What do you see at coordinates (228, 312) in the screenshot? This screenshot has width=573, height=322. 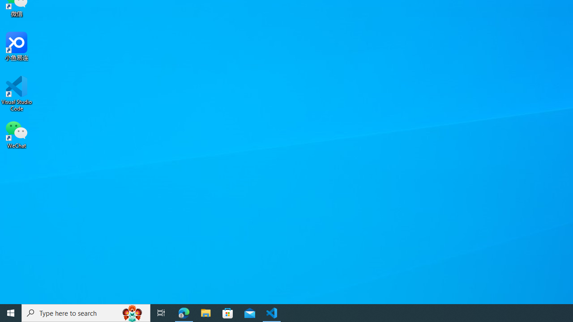 I see `'Microsoft Store'` at bounding box center [228, 312].